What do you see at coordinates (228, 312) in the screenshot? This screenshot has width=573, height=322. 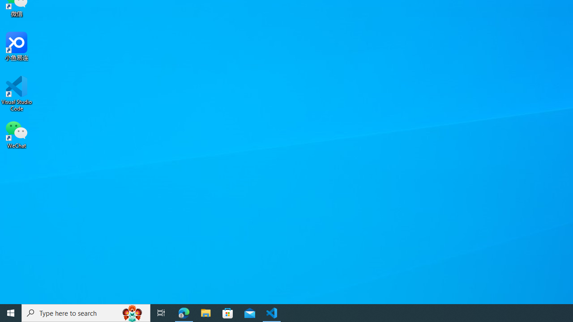 I see `'Microsoft Store'` at bounding box center [228, 312].